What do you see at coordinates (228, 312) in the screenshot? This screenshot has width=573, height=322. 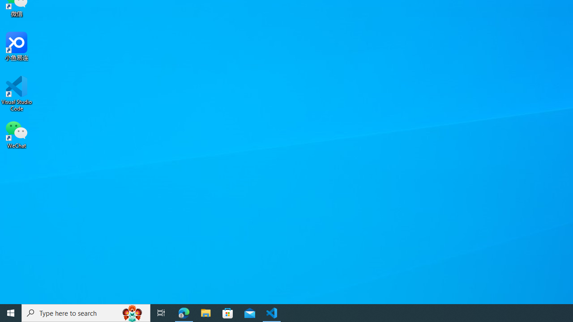 I see `'Microsoft Store'` at bounding box center [228, 312].